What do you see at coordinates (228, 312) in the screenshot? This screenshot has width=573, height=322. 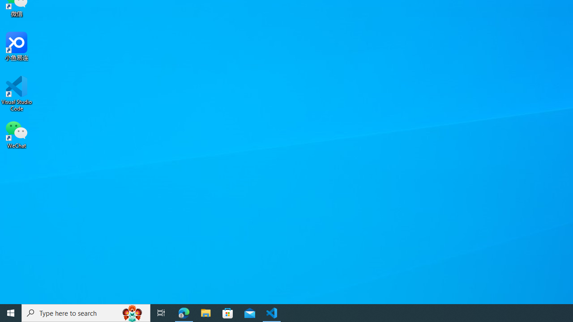 I see `'Microsoft Store'` at bounding box center [228, 312].